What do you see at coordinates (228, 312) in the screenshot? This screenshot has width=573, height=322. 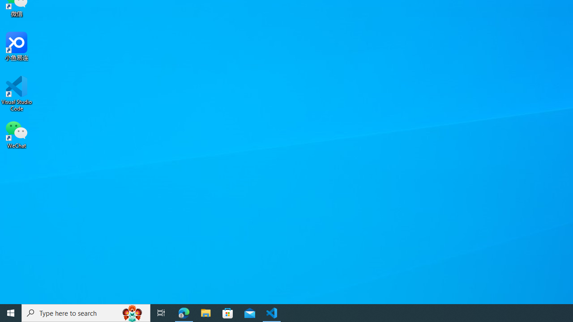 I see `'Microsoft Store'` at bounding box center [228, 312].